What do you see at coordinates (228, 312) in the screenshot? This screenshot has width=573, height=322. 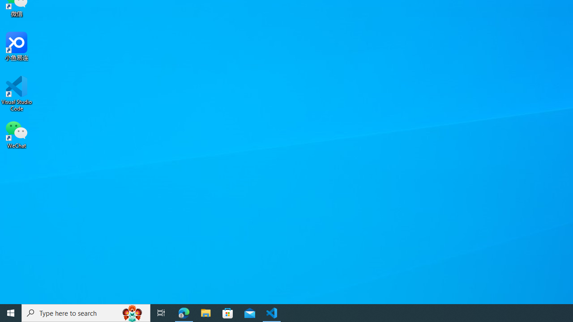 I see `'Microsoft Store'` at bounding box center [228, 312].